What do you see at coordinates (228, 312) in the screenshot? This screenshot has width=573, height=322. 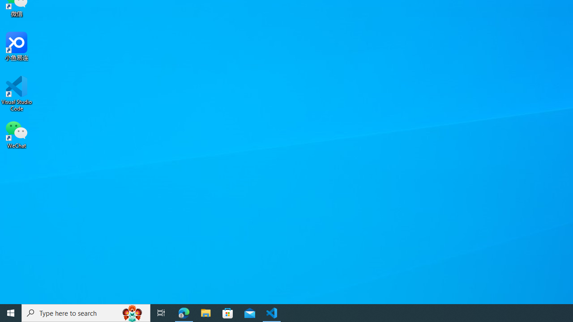 I see `'Microsoft Store'` at bounding box center [228, 312].